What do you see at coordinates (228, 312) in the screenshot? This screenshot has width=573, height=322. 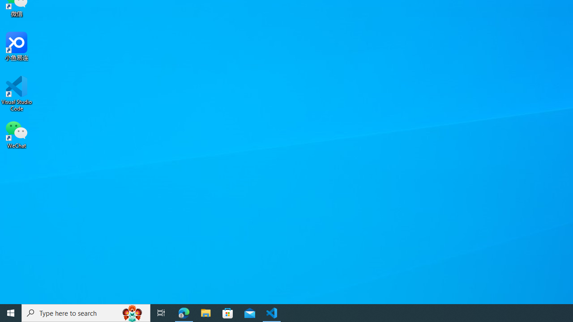 I see `'Microsoft Store'` at bounding box center [228, 312].